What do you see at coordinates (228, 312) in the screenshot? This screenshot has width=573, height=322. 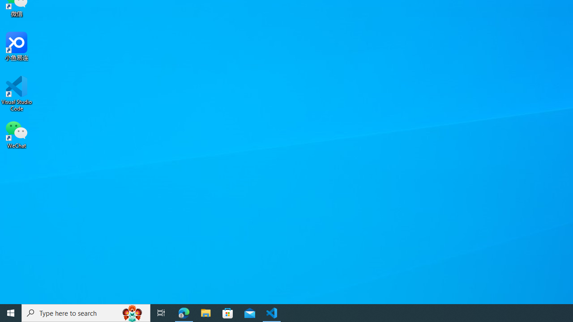 I see `'Microsoft Store'` at bounding box center [228, 312].